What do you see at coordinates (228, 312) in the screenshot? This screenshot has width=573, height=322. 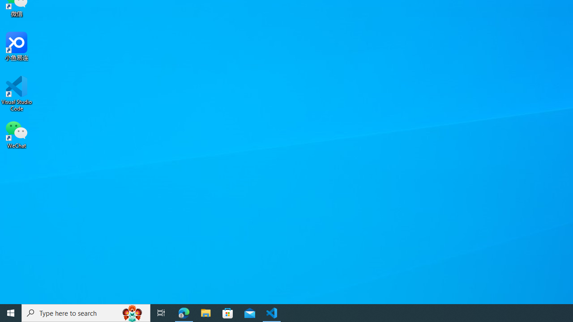 I see `'Microsoft Store'` at bounding box center [228, 312].